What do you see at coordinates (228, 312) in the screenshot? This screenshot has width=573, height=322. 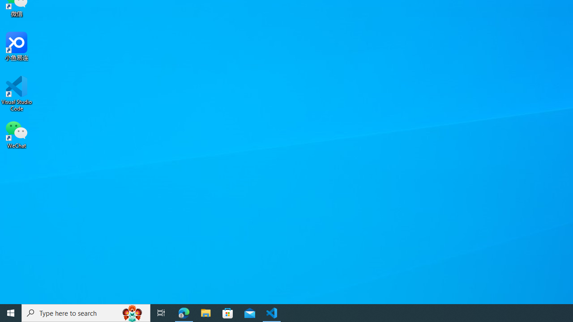 I see `'Microsoft Store'` at bounding box center [228, 312].